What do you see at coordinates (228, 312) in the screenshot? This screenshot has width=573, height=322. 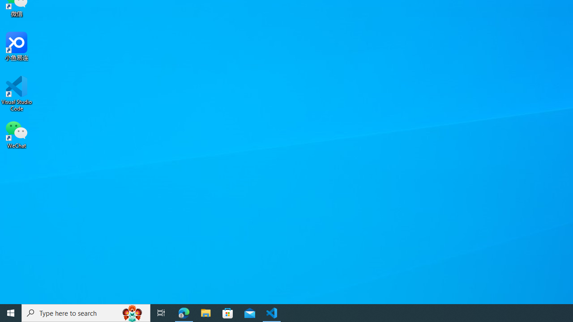 I see `'Microsoft Store'` at bounding box center [228, 312].